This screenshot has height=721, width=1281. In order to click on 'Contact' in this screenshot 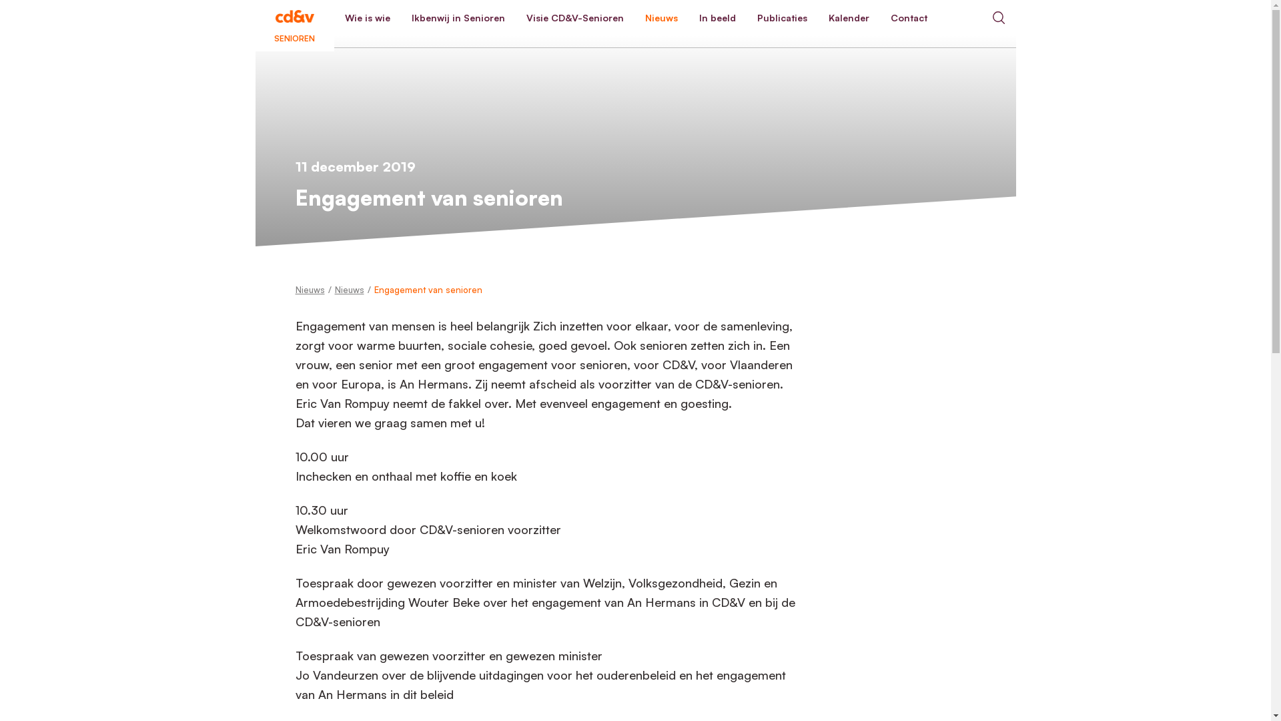, I will do `click(907, 18)`.